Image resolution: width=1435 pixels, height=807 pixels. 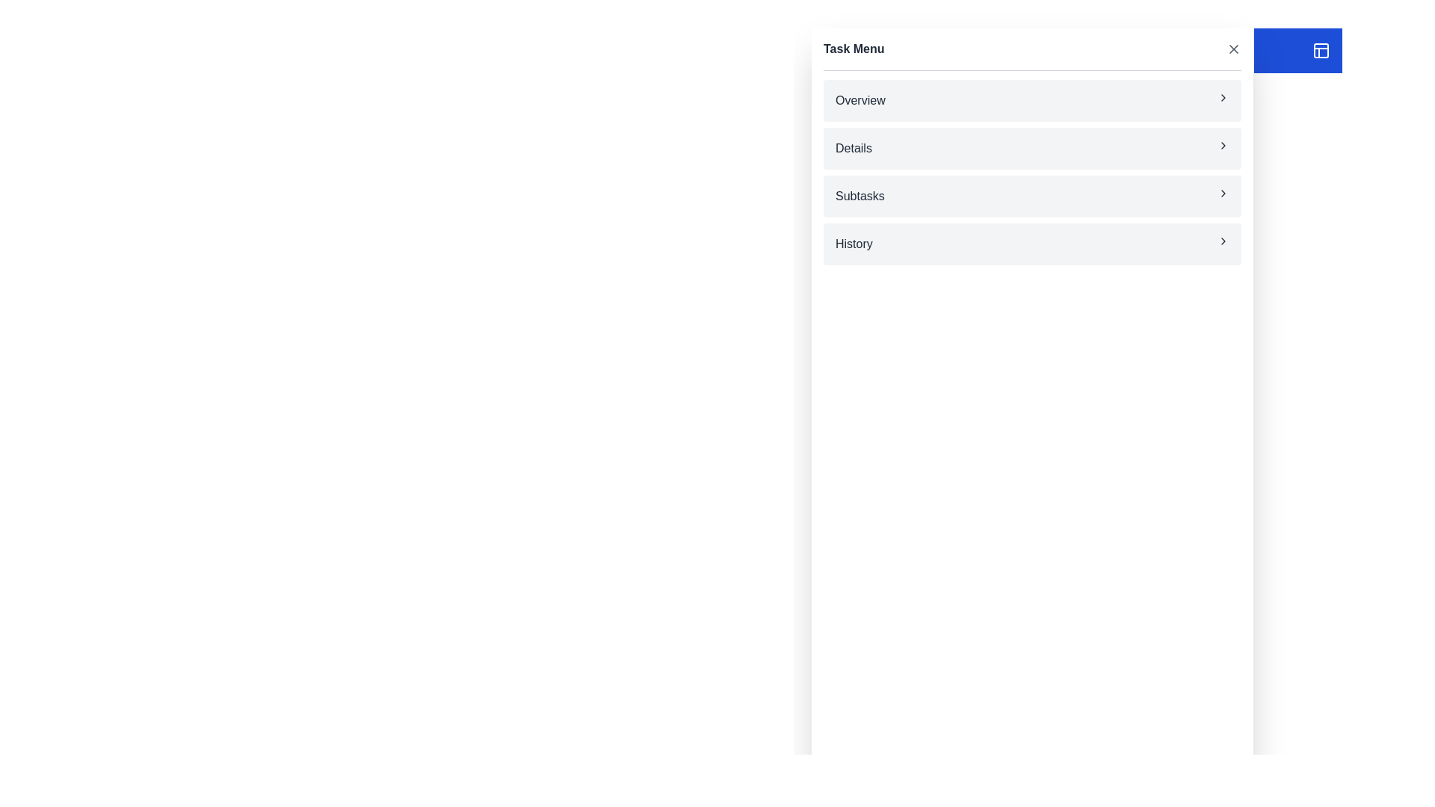 I want to click on the navigation menu button located as the third item in a vertical list of menu options, so click(x=1031, y=195).